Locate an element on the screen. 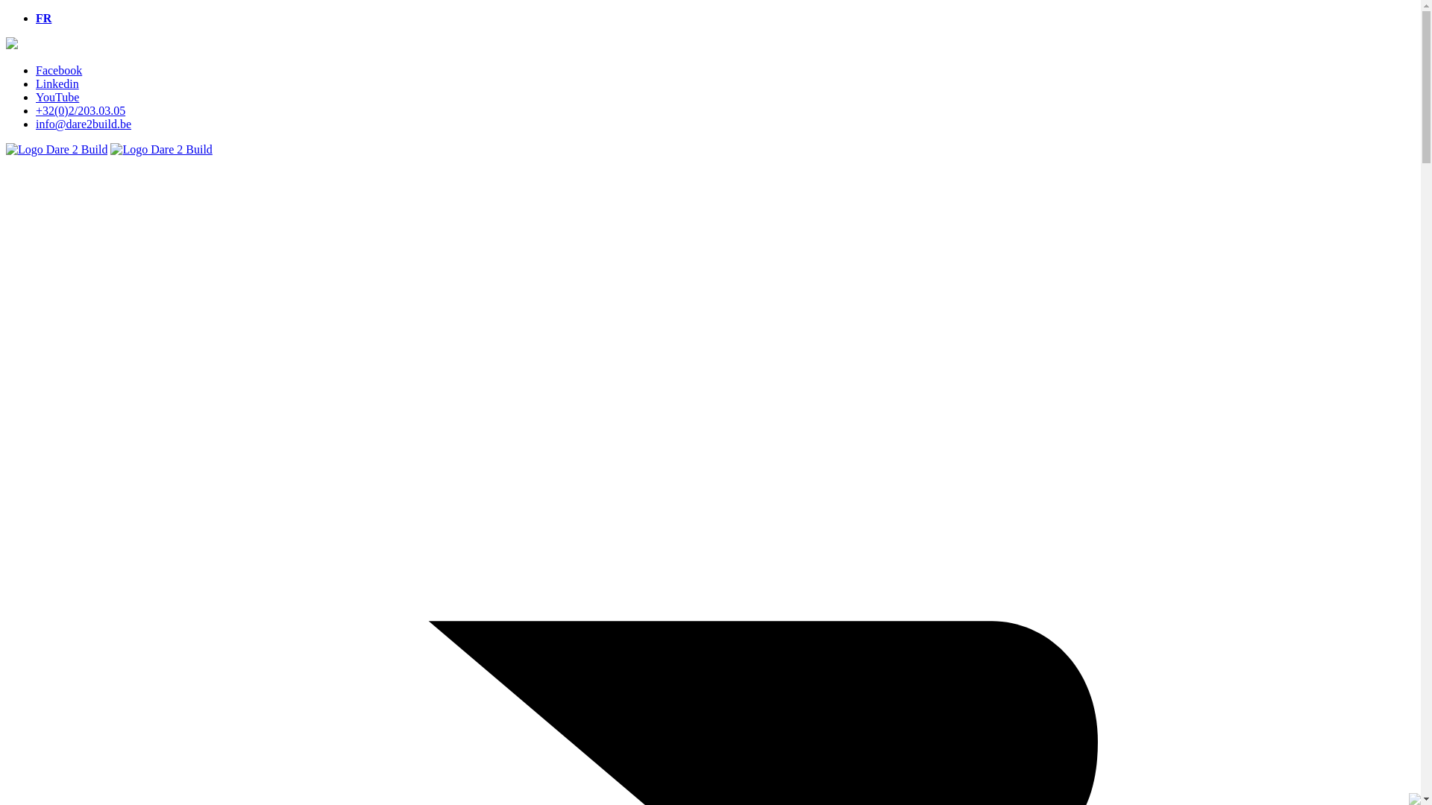 The width and height of the screenshot is (1432, 805). 'info@dare2build.be' is located at coordinates (82, 123).